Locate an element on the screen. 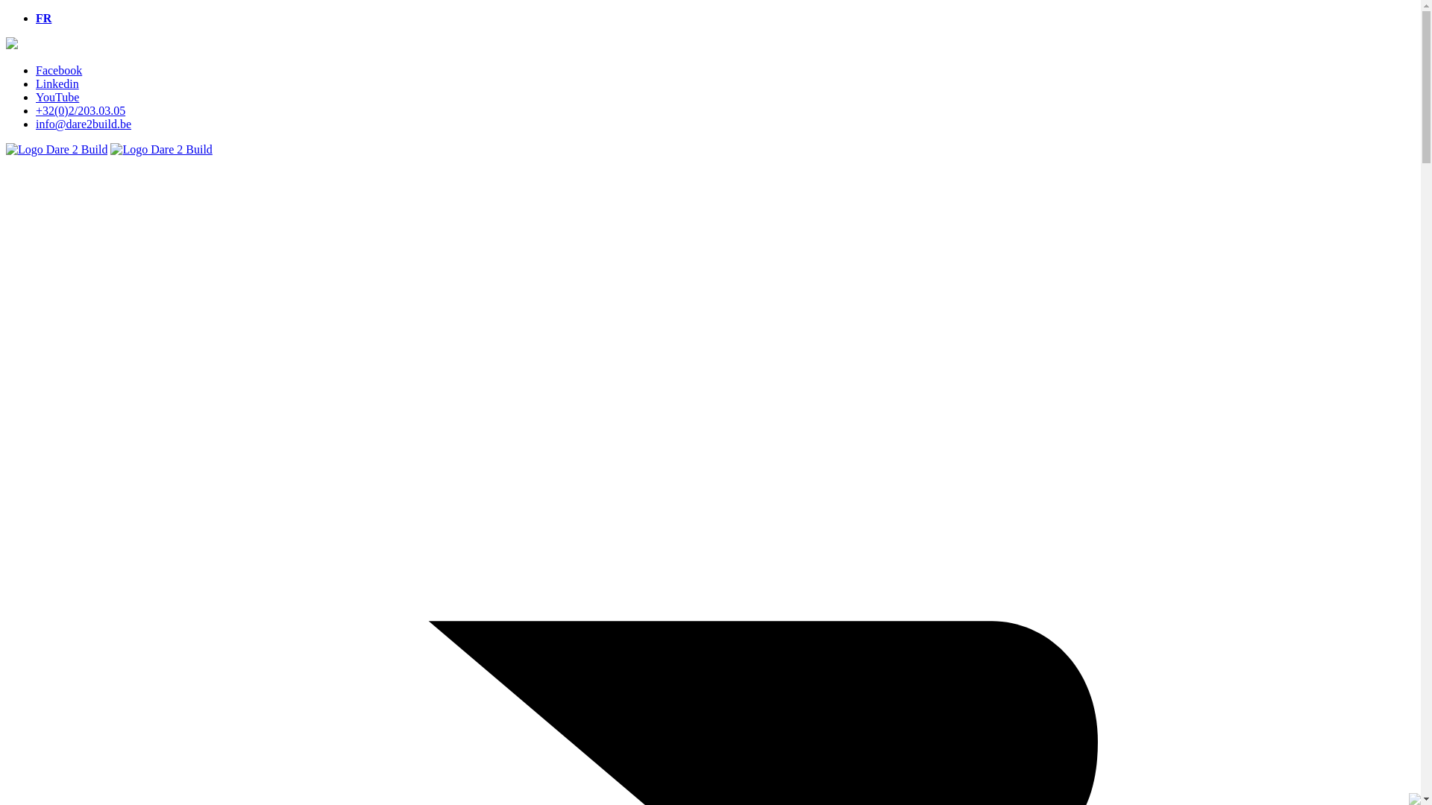 The width and height of the screenshot is (1432, 805). 'info@dare2build.be' is located at coordinates (82, 123).